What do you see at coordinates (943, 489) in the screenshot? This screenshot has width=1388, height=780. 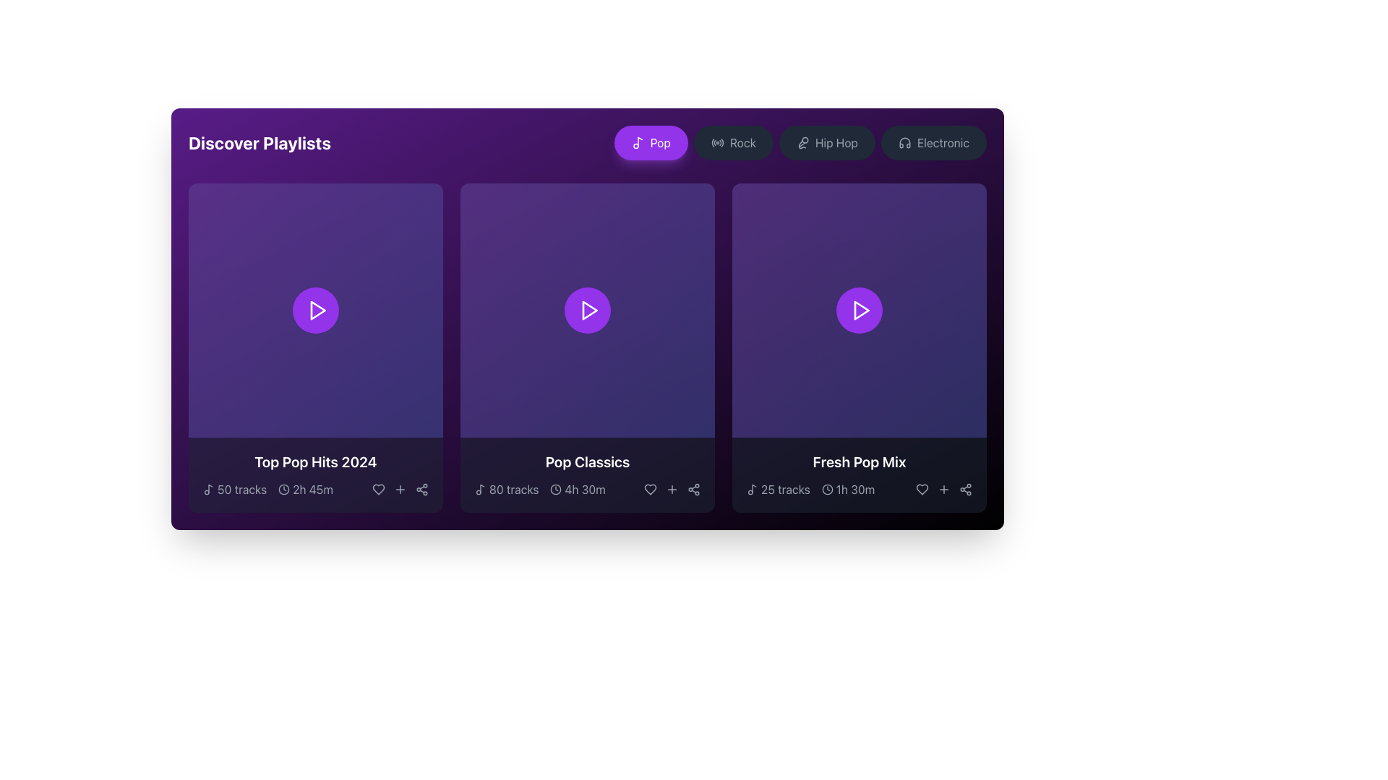 I see `the plus symbol button located at the bottom-right of the 'Fresh Pop Mix' card` at bounding box center [943, 489].